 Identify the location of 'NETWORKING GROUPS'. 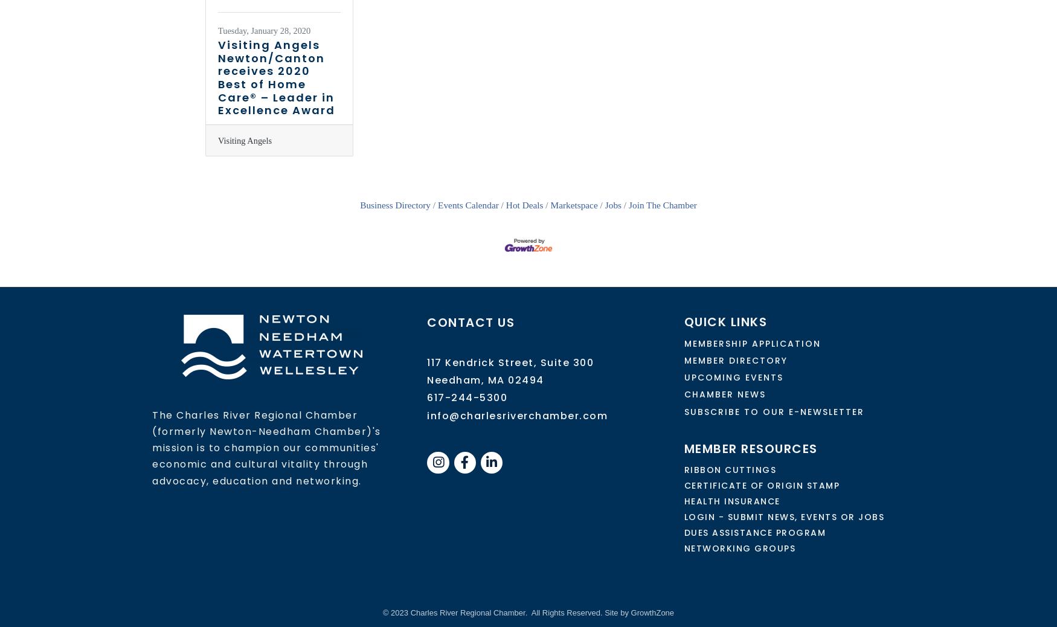
(683, 548).